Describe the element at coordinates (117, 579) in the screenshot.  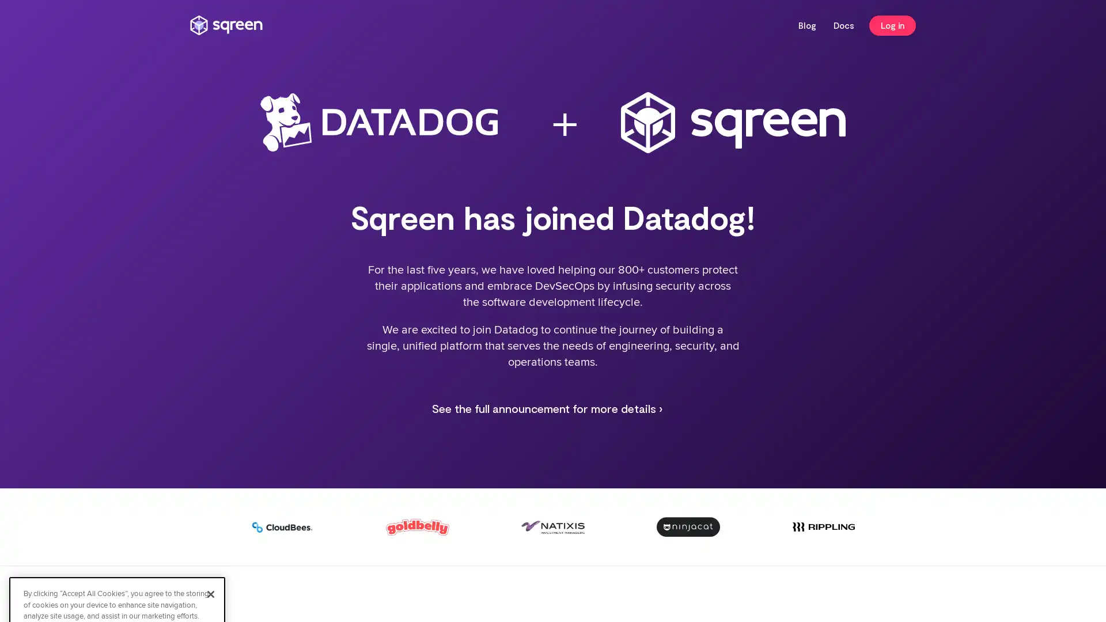
I see `Reject All` at that location.